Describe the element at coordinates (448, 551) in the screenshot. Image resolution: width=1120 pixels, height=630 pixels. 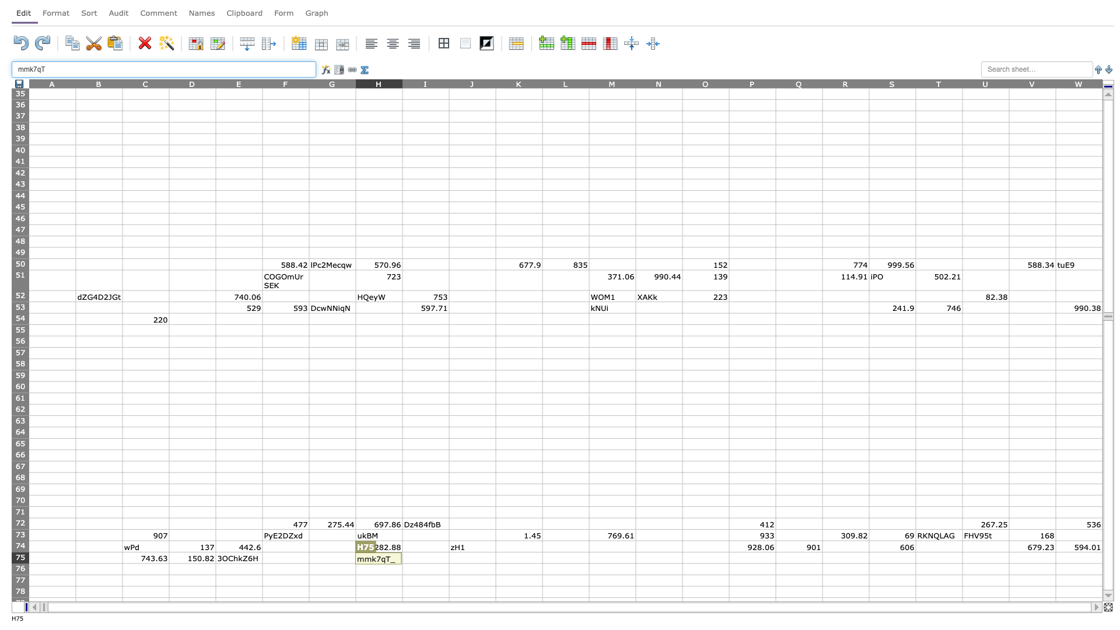
I see `top left corner of cell J75` at that location.